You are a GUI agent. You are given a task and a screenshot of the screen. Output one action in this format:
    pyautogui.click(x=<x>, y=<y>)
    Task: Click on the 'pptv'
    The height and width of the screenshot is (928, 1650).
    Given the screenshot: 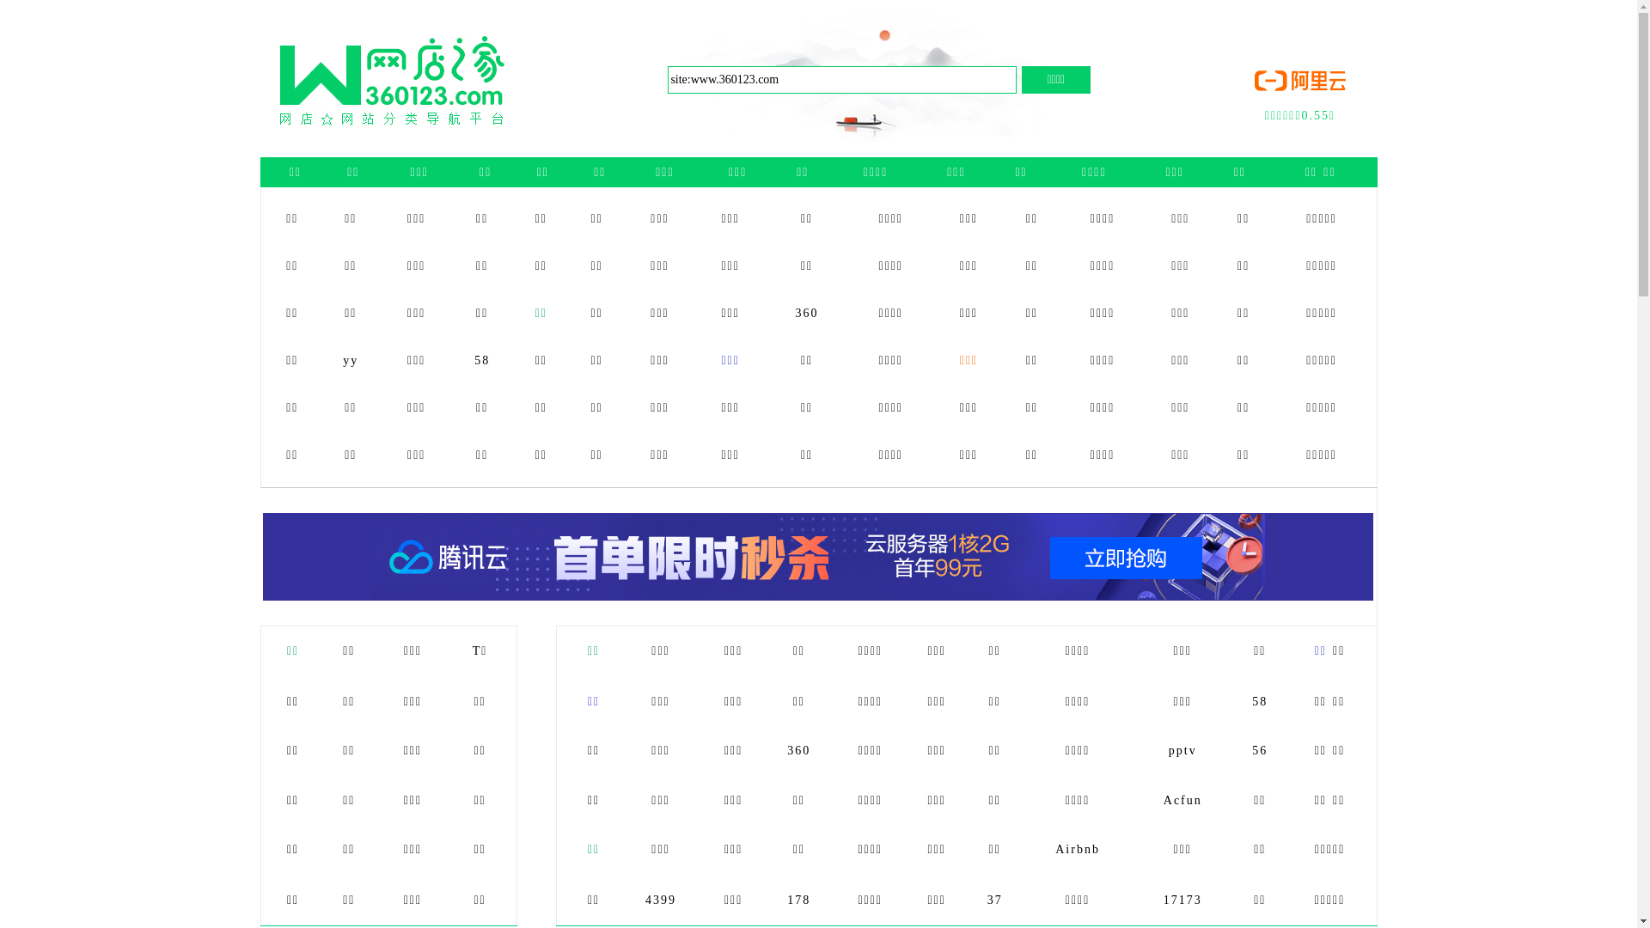 What is the action you would take?
    pyautogui.click(x=1182, y=749)
    